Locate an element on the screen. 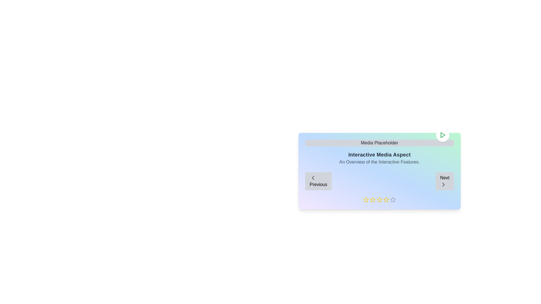 The height and width of the screenshot is (304, 541). the right-facing chevron icon, which is dark gray and located at the right edge of the interface next to the 'Next' button is located at coordinates (443, 184).